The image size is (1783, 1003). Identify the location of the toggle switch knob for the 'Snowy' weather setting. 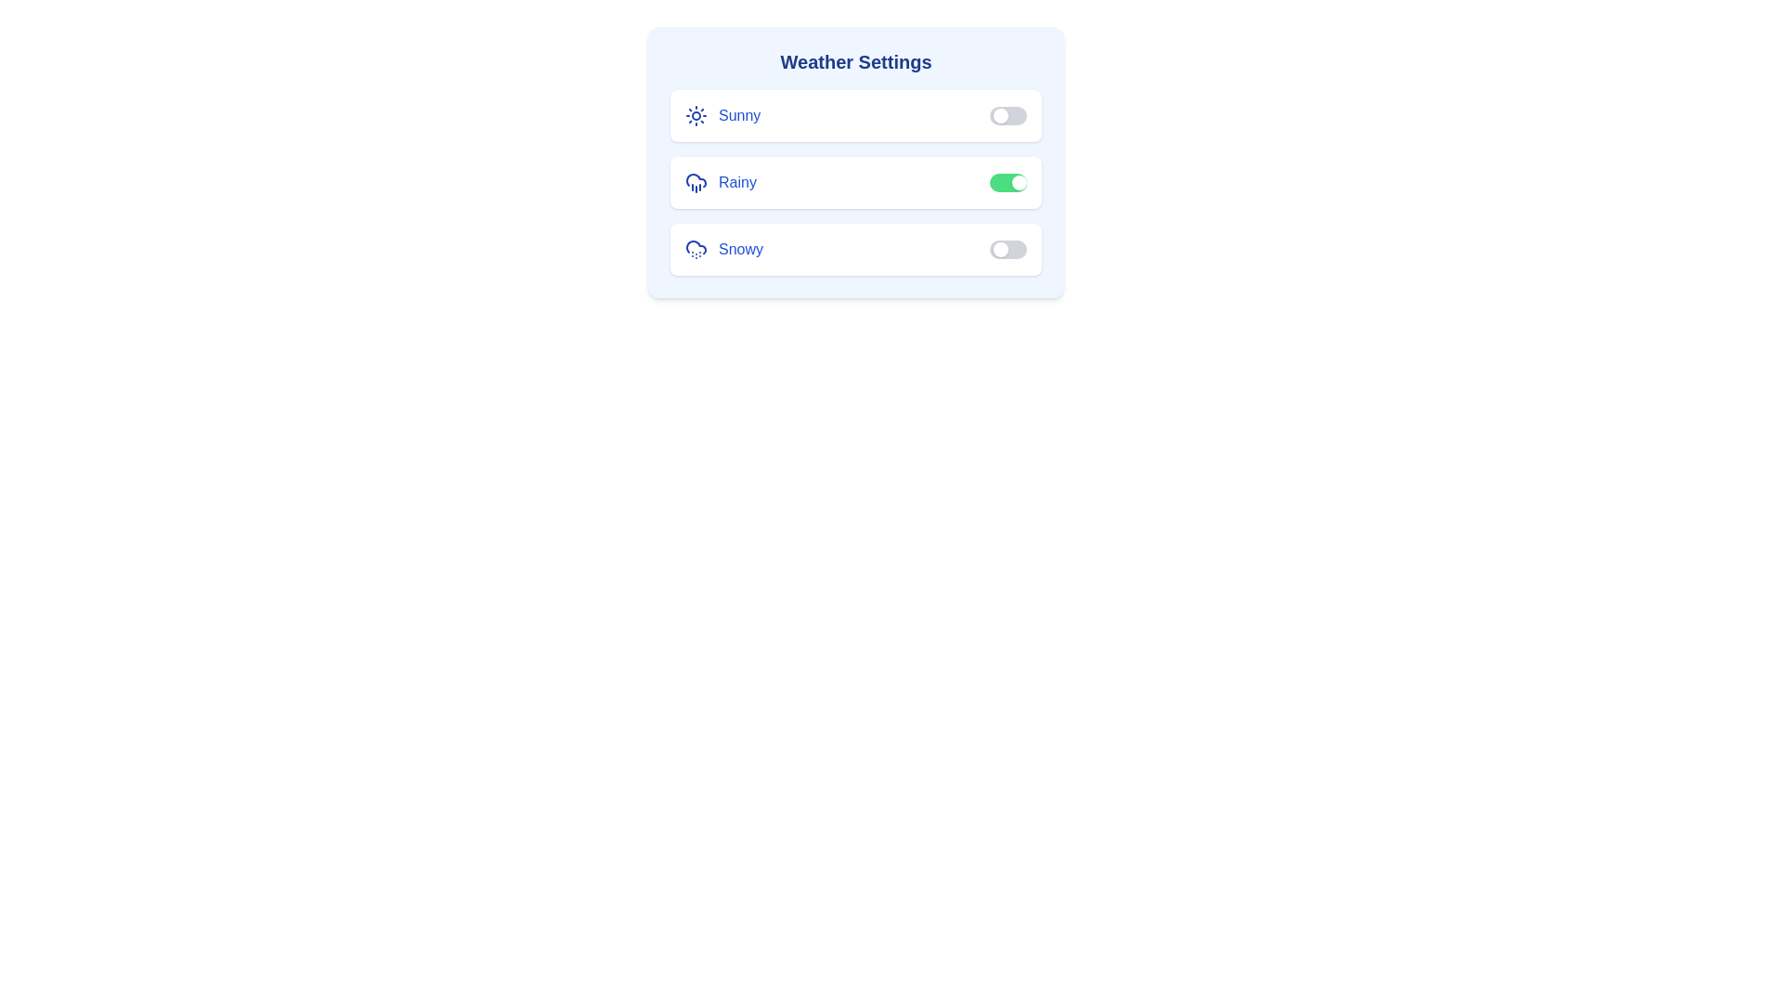
(1000, 249).